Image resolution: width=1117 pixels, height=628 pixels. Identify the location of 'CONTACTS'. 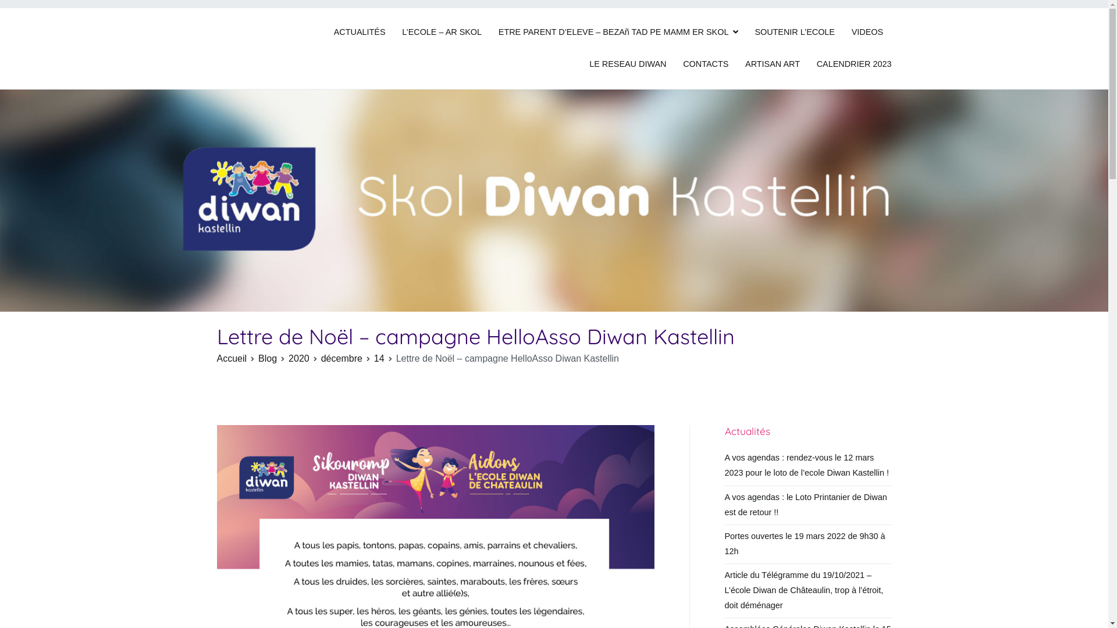
(705, 65).